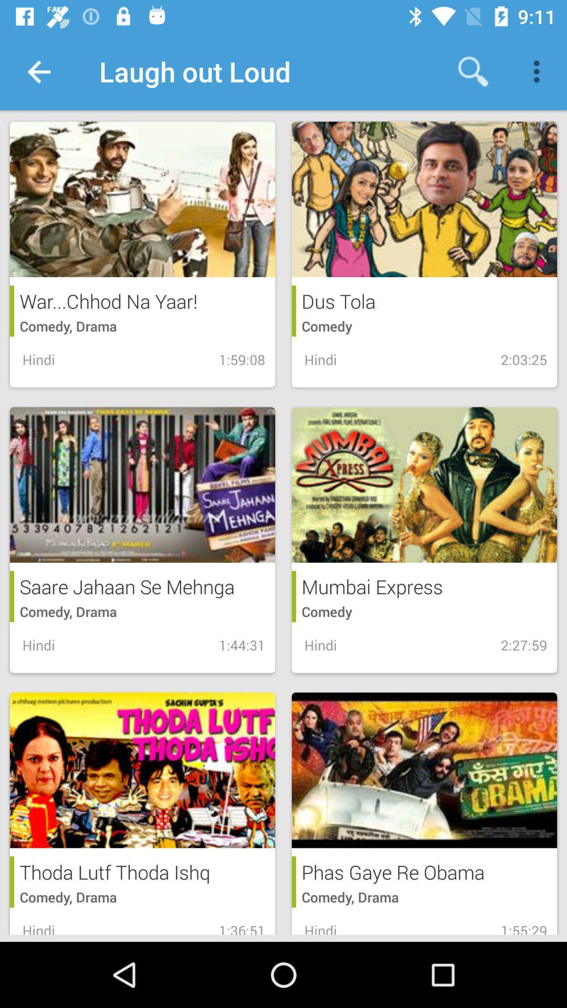 The image size is (567, 1008). Describe the element at coordinates (473, 71) in the screenshot. I see `the item next to laugh out loud  icon` at that location.